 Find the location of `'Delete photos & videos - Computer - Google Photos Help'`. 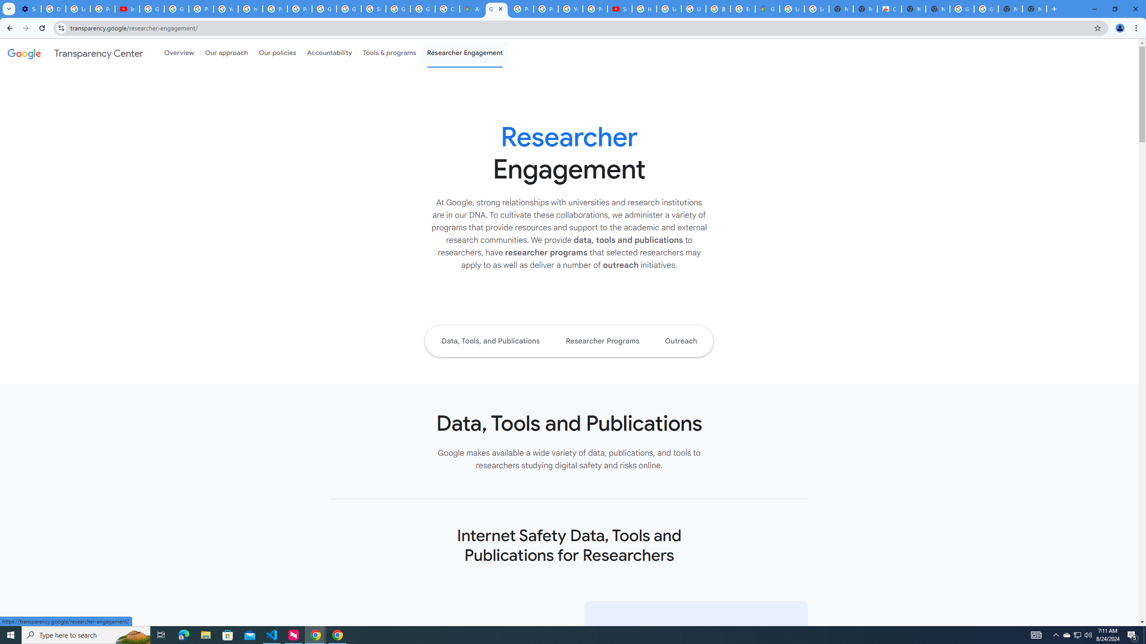

'Delete photos & videos - Computer - Google Photos Help' is located at coordinates (53, 8).